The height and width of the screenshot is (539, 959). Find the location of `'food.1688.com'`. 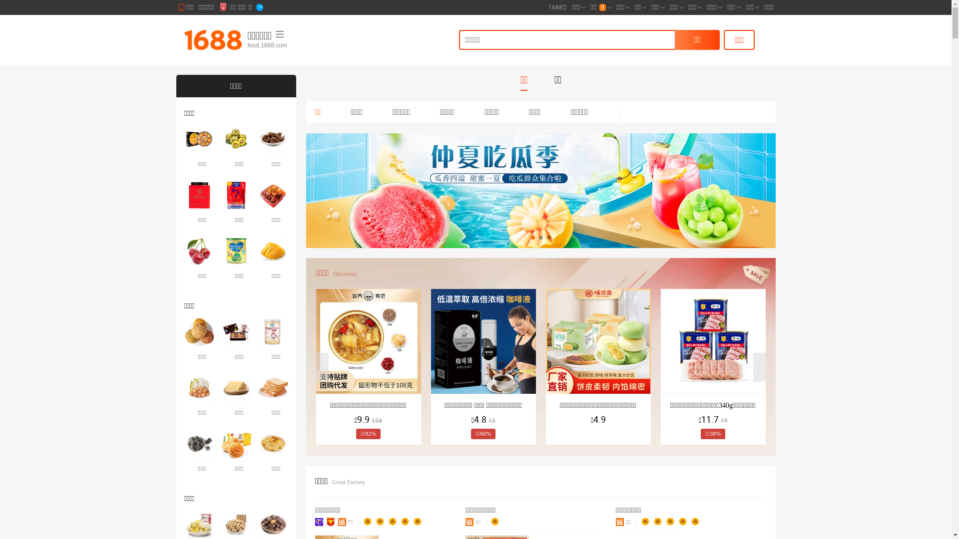

'food.1688.com' is located at coordinates (297, 45).